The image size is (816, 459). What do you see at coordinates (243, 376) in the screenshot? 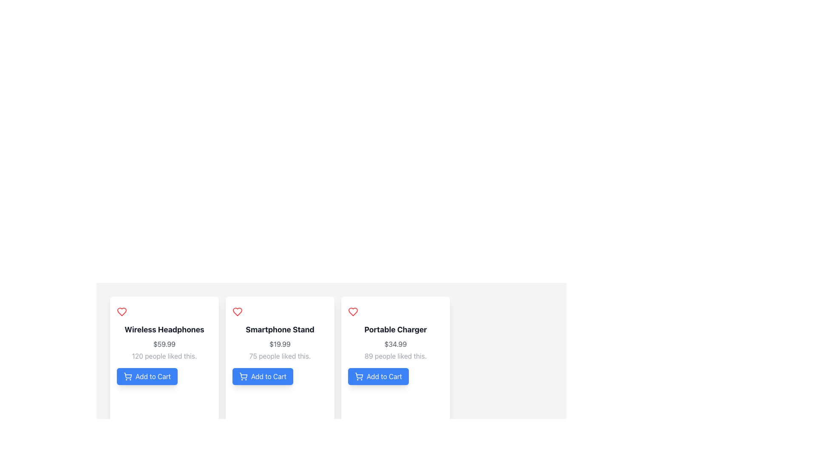
I see `the add-to-cart icon located in the second product card to initiate the add-to-cart action` at bounding box center [243, 376].